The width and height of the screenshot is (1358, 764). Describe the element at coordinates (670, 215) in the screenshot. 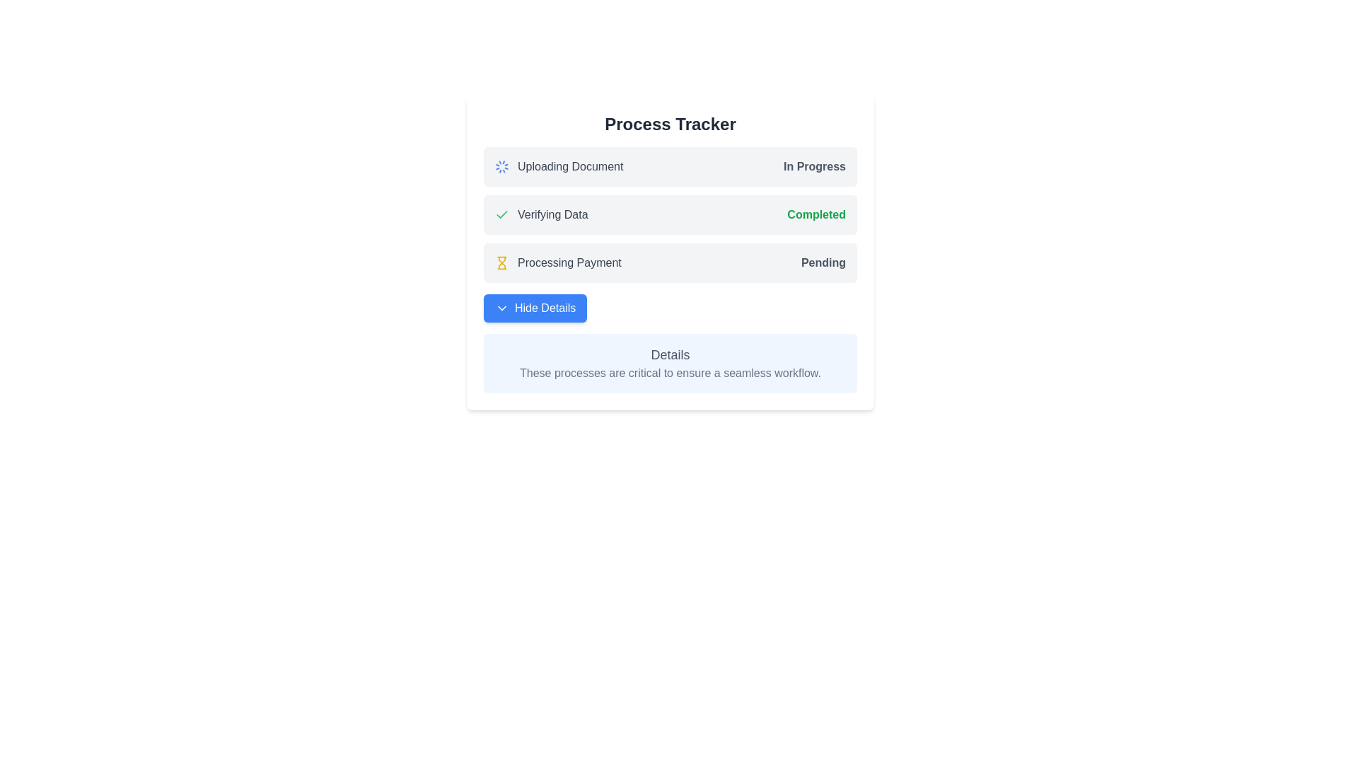

I see `text content of the Status indicator that shows the progress of the 'Verifying Data' process, located below 'Uploading Document' and above 'Processing Payment' in the 'Process Tracker' section` at that location.